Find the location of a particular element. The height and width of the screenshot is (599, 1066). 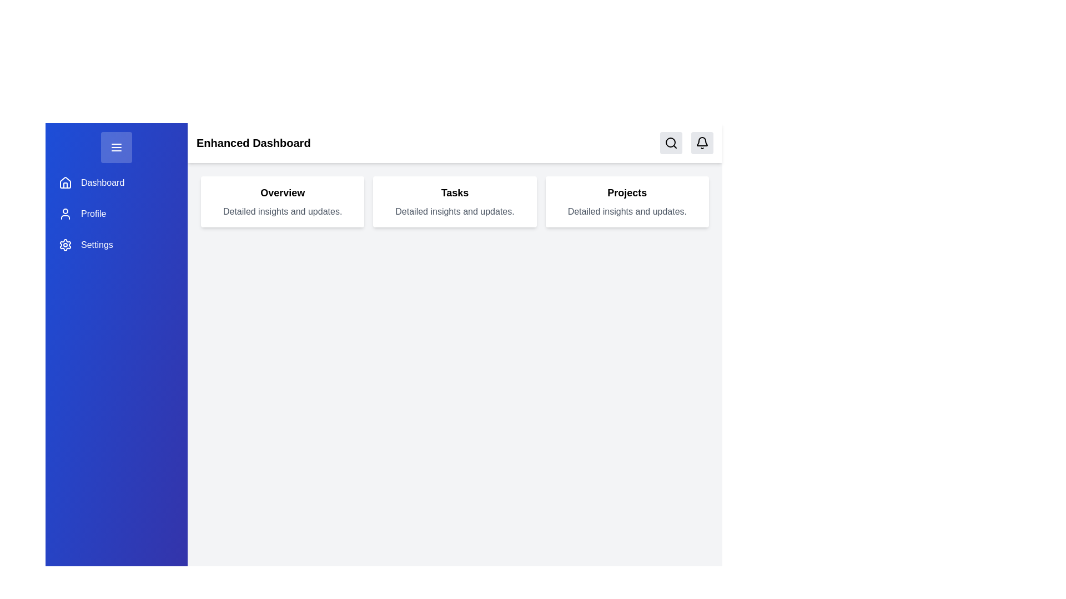

the header text element, which serves as the title for the current page and is positioned in the top white bar, aligned to the left but right of the blue navigation sidebar is located at coordinates (253, 143).